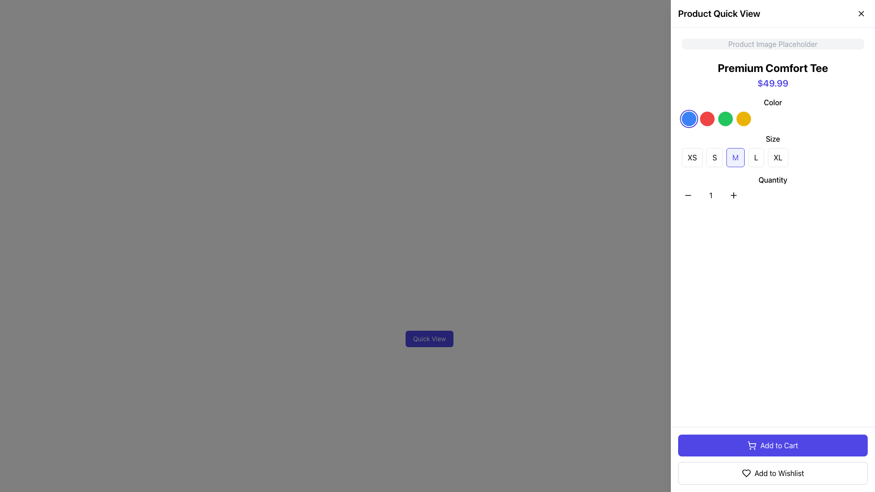  What do you see at coordinates (725, 118) in the screenshot?
I see `the third circular green dot in the row of color options under the 'Color' label in the 'Product Quick View' interface` at bounding box center [725, 118].